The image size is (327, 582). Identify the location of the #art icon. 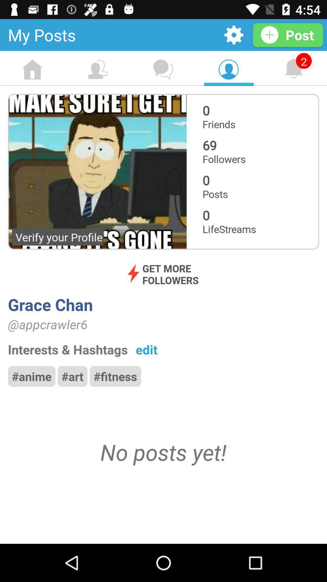
(72, 376).